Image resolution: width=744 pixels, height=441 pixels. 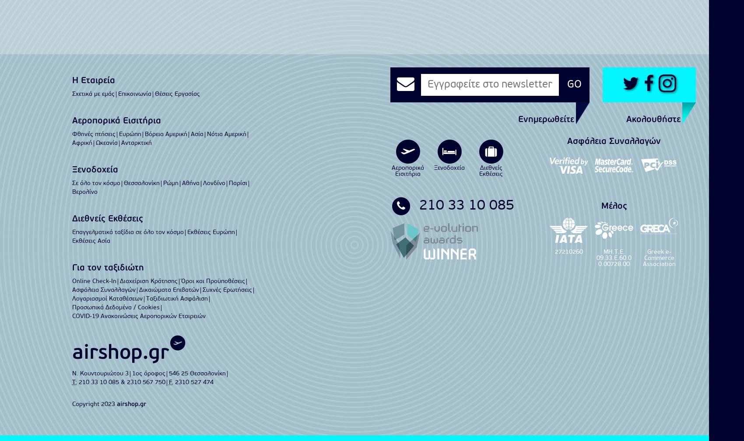 What do you see at coordinates (100, 373) in the screenshot?
I see `'Ν. Κουντουριώτου 3'` at bounding box center [100, 373].